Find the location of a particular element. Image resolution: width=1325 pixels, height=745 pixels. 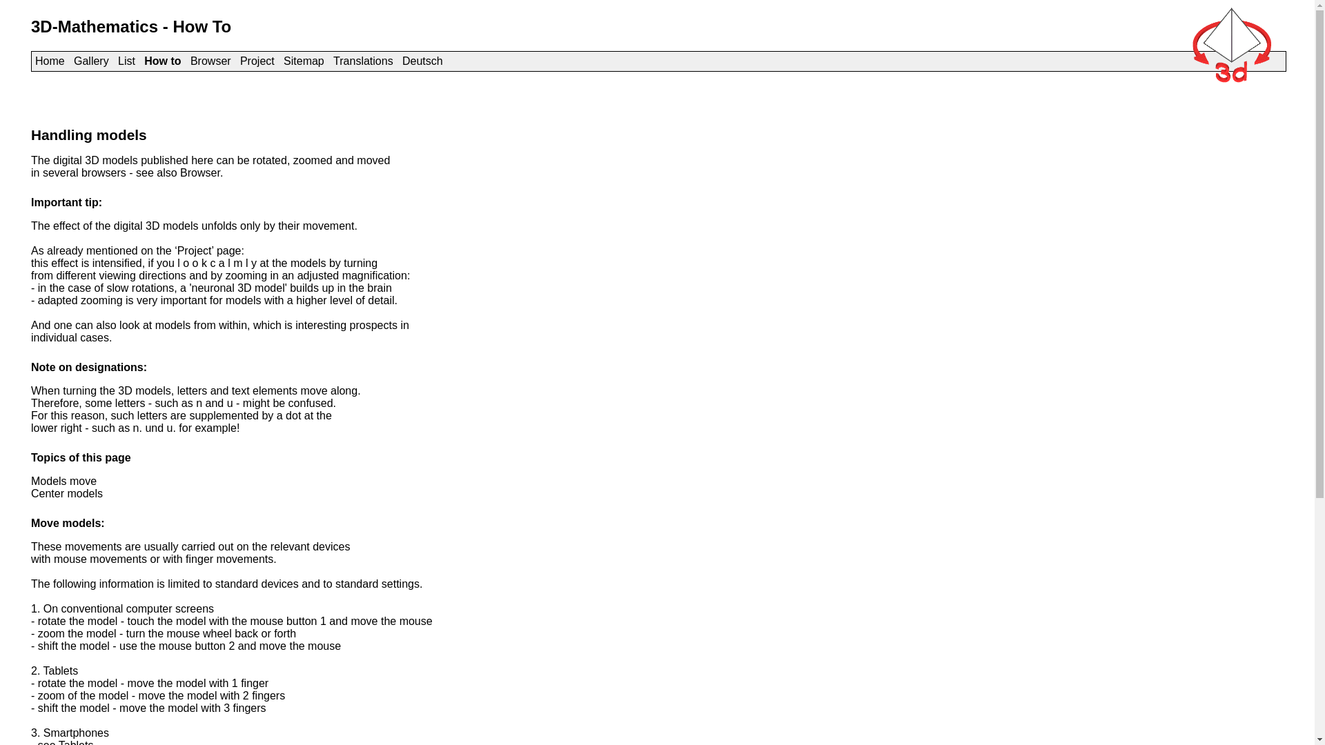

'3D-Mathematics - How To' is located at coordinates (131, 26).